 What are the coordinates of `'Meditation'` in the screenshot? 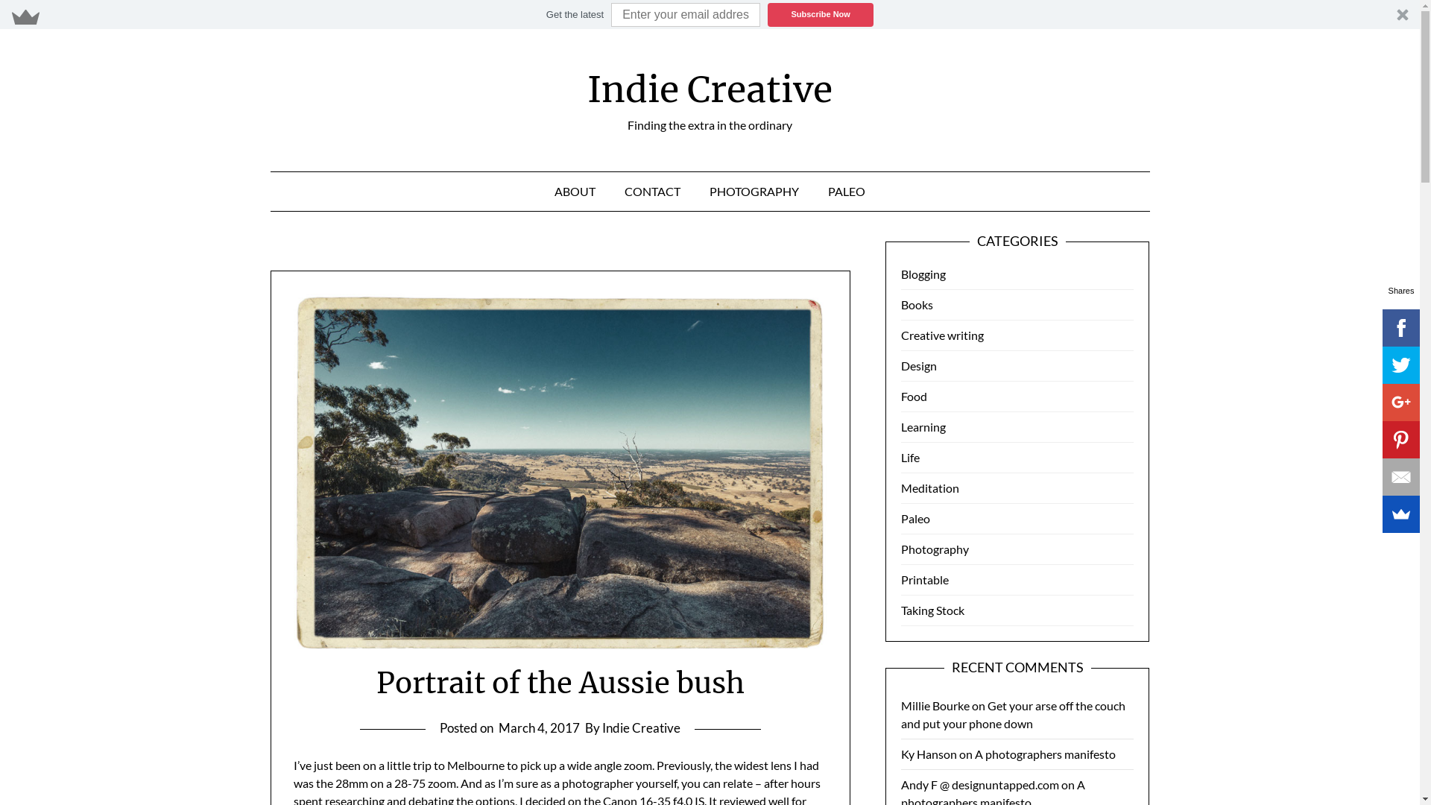 It's located at (900, 487).